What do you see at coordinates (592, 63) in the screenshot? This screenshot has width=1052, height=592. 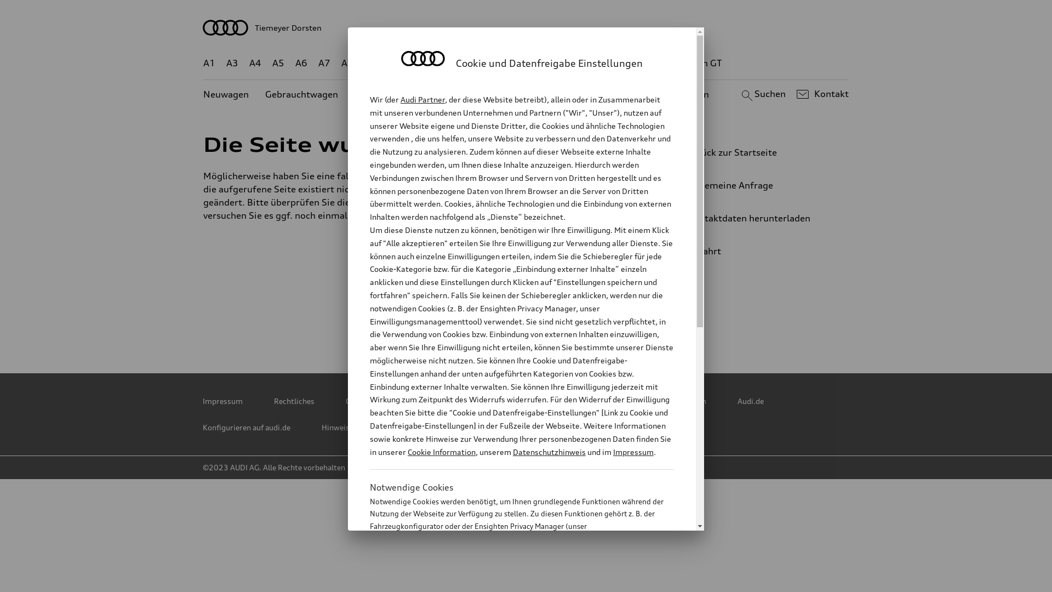 I see `'TT'` at bounding box center [592, 63].